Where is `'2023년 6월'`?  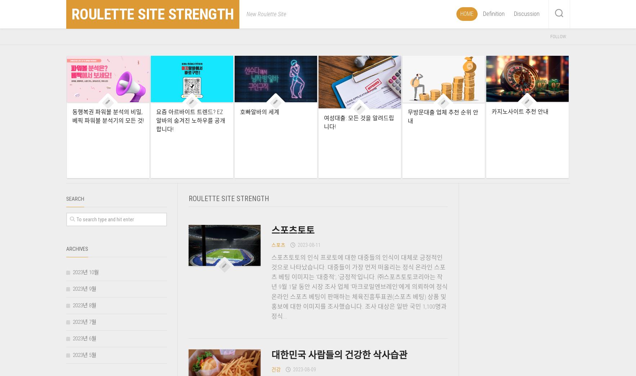
'2023년 6월' is located at coordinates (84, 338).